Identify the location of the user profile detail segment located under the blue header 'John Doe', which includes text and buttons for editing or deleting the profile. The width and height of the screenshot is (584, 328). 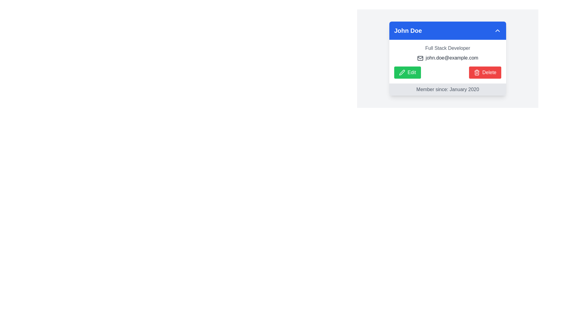
(448, 62).